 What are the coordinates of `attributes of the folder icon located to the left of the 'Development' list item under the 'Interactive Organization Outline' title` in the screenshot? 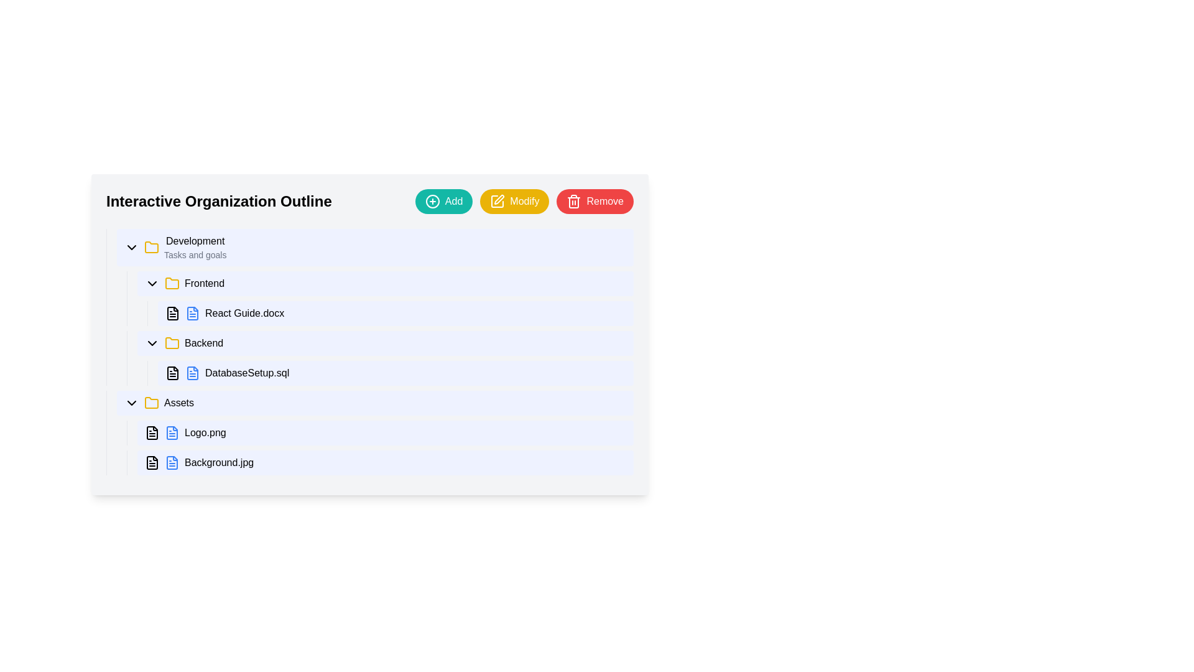 It's located at (151, 247).